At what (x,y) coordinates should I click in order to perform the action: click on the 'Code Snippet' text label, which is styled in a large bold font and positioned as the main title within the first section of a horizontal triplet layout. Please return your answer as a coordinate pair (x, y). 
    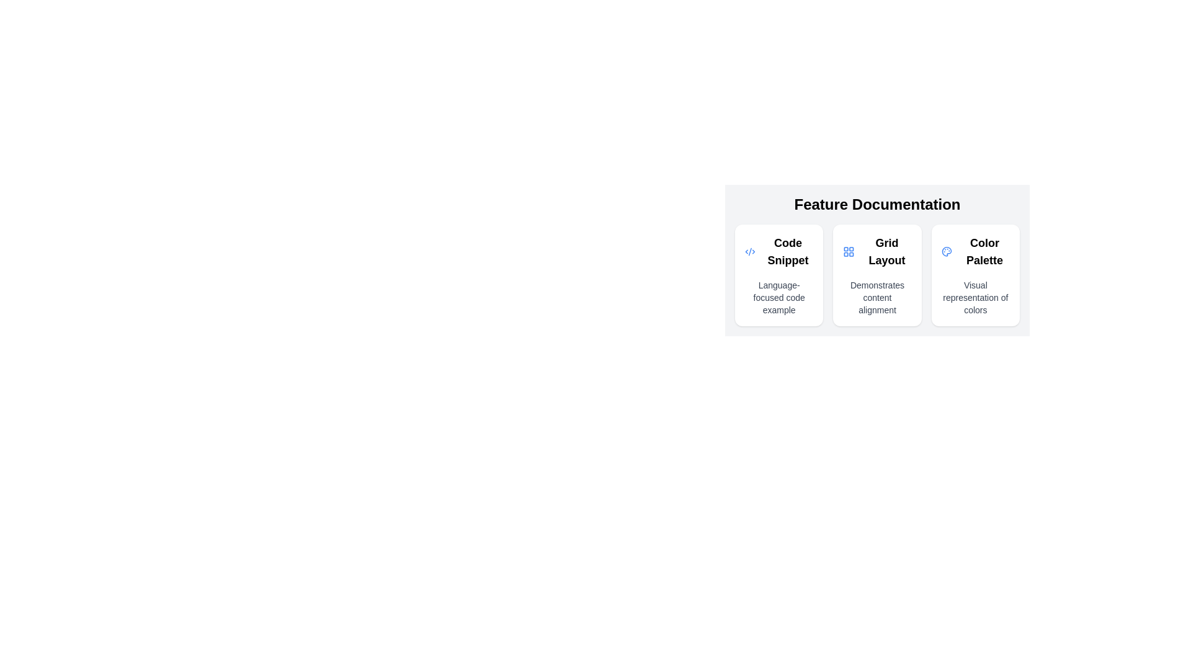
    Looking at the image, I should click on (787, 251).